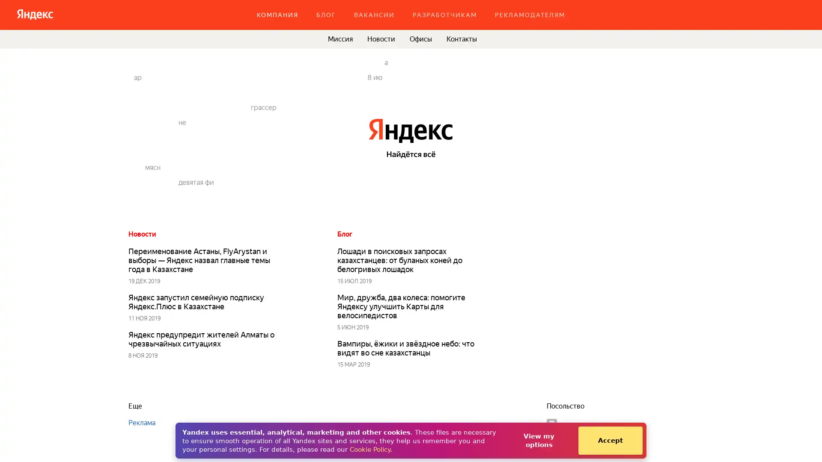 Image resolution: width=822 pixels, height=462 pixels. What do you see at coordinates (538, 440) in the screenshot?
I see `View my options` at bounding box center [538, 440].